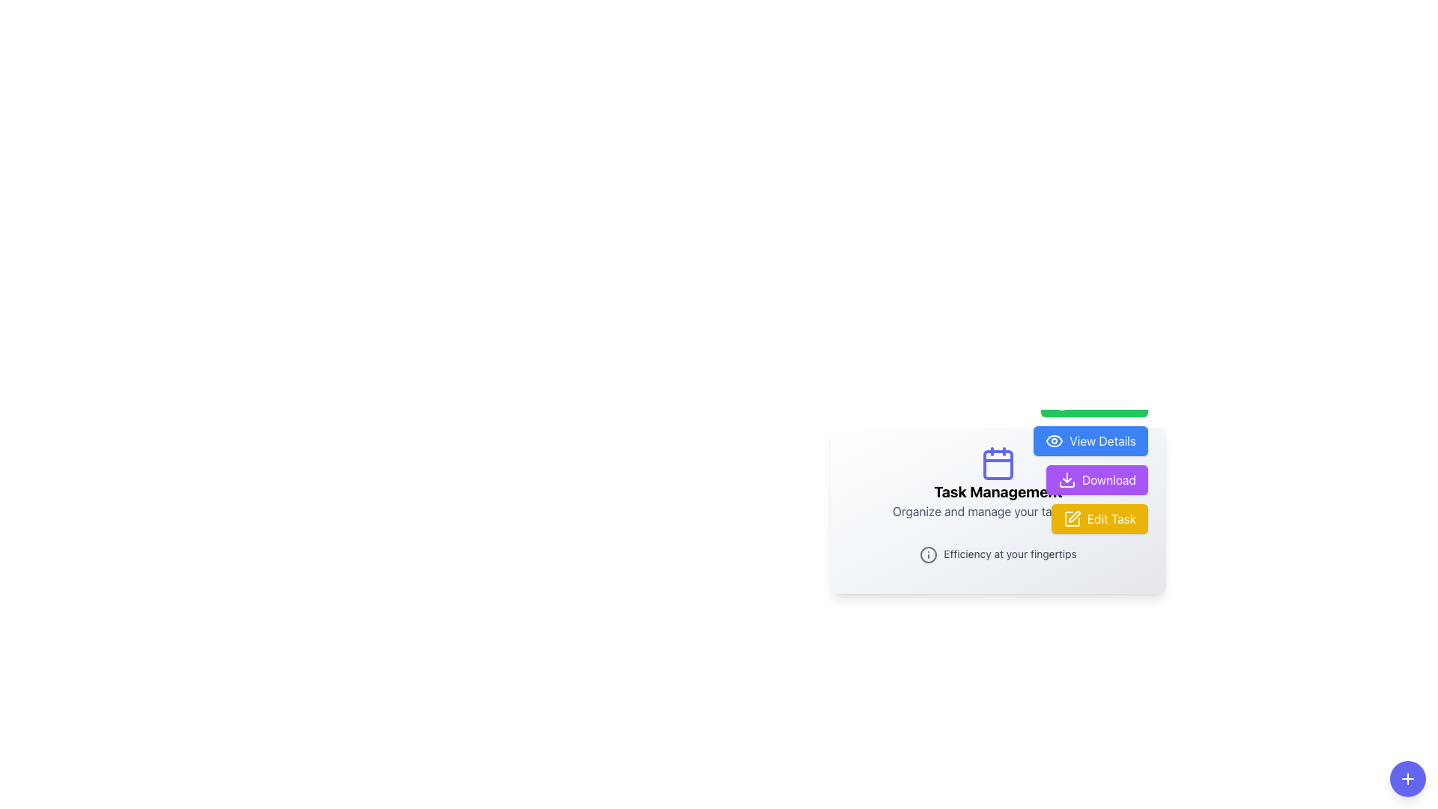 This screenshot has width=1438, height=809. I want to click on the decorative graphical component that forms an arc in the upper-left section of the circular design above the task management card, so click(1061, 401).